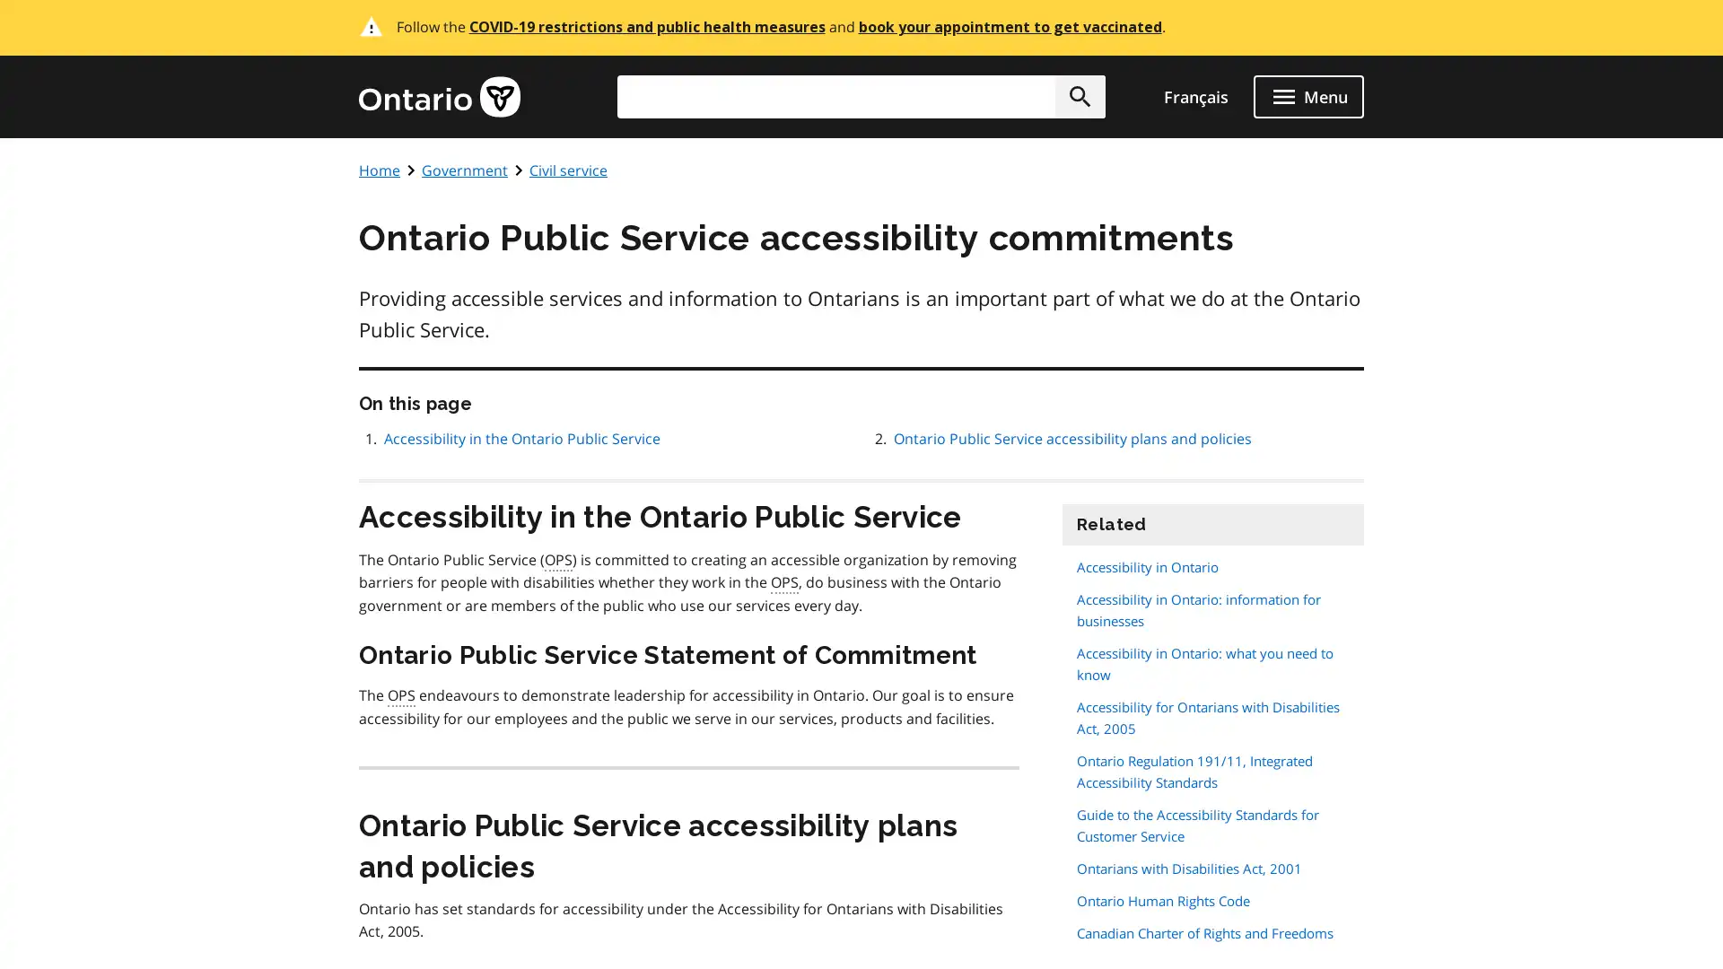  I want to click on Search, so click(1080, 96).